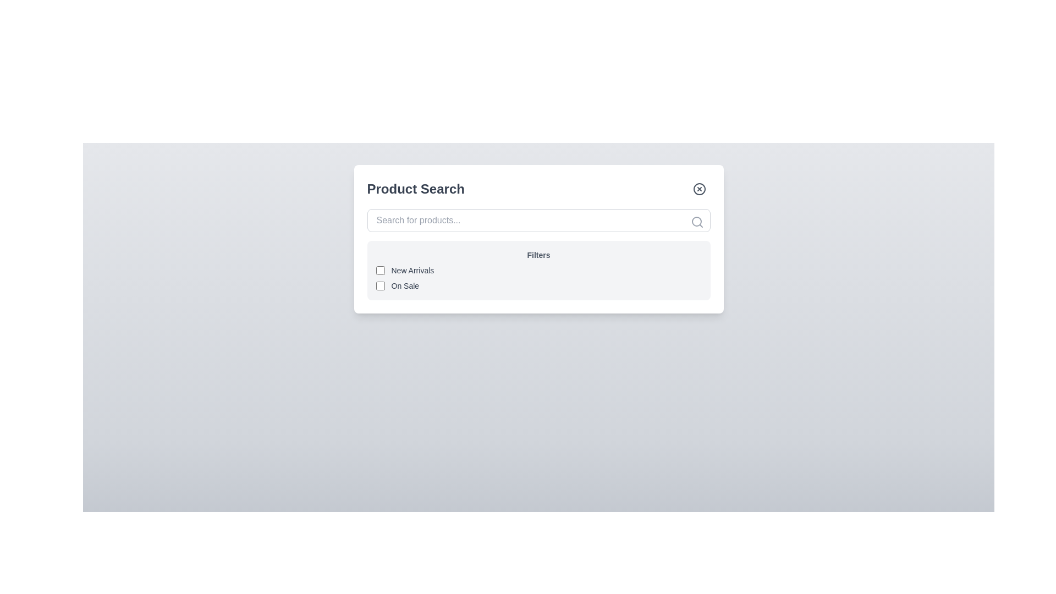  Describe the element at coordinates (404, 285) in the screenshot. I see `the label that describes the purpose of the checkbox for filtering items that are on sale, located within the second filter option of the 'Filters' section in the 'Product Search' panel` at that location.